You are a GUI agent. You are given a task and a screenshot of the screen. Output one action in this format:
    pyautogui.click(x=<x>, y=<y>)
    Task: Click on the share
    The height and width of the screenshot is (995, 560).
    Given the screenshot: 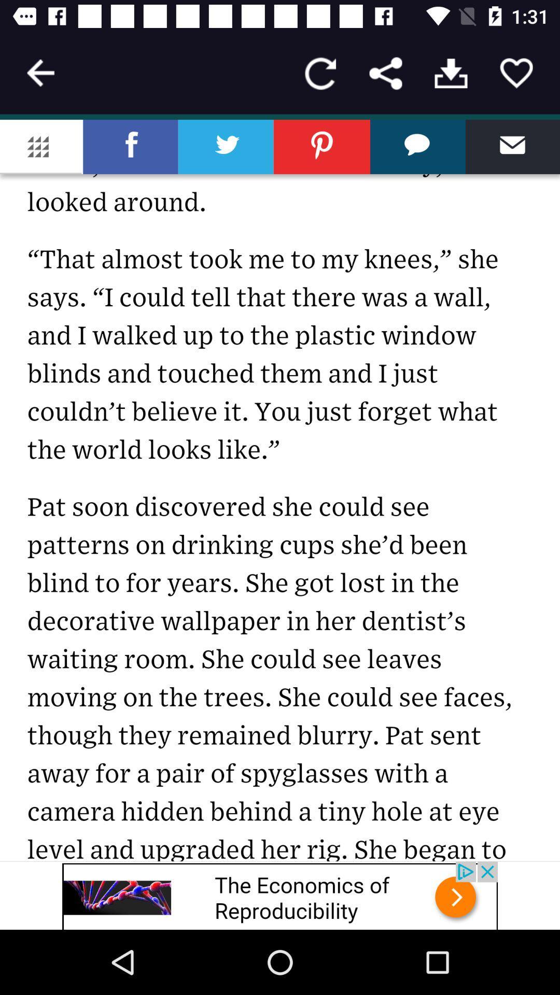 What is the action you would take?
    pyautogui.click(x=386, y=73)
    